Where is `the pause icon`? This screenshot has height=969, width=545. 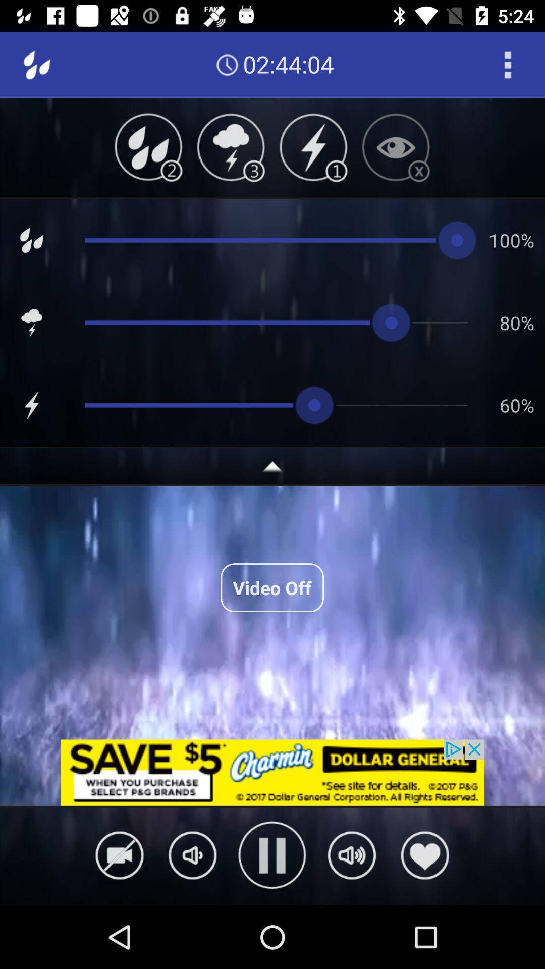
the pause icon is located at coordinates (271, 855).